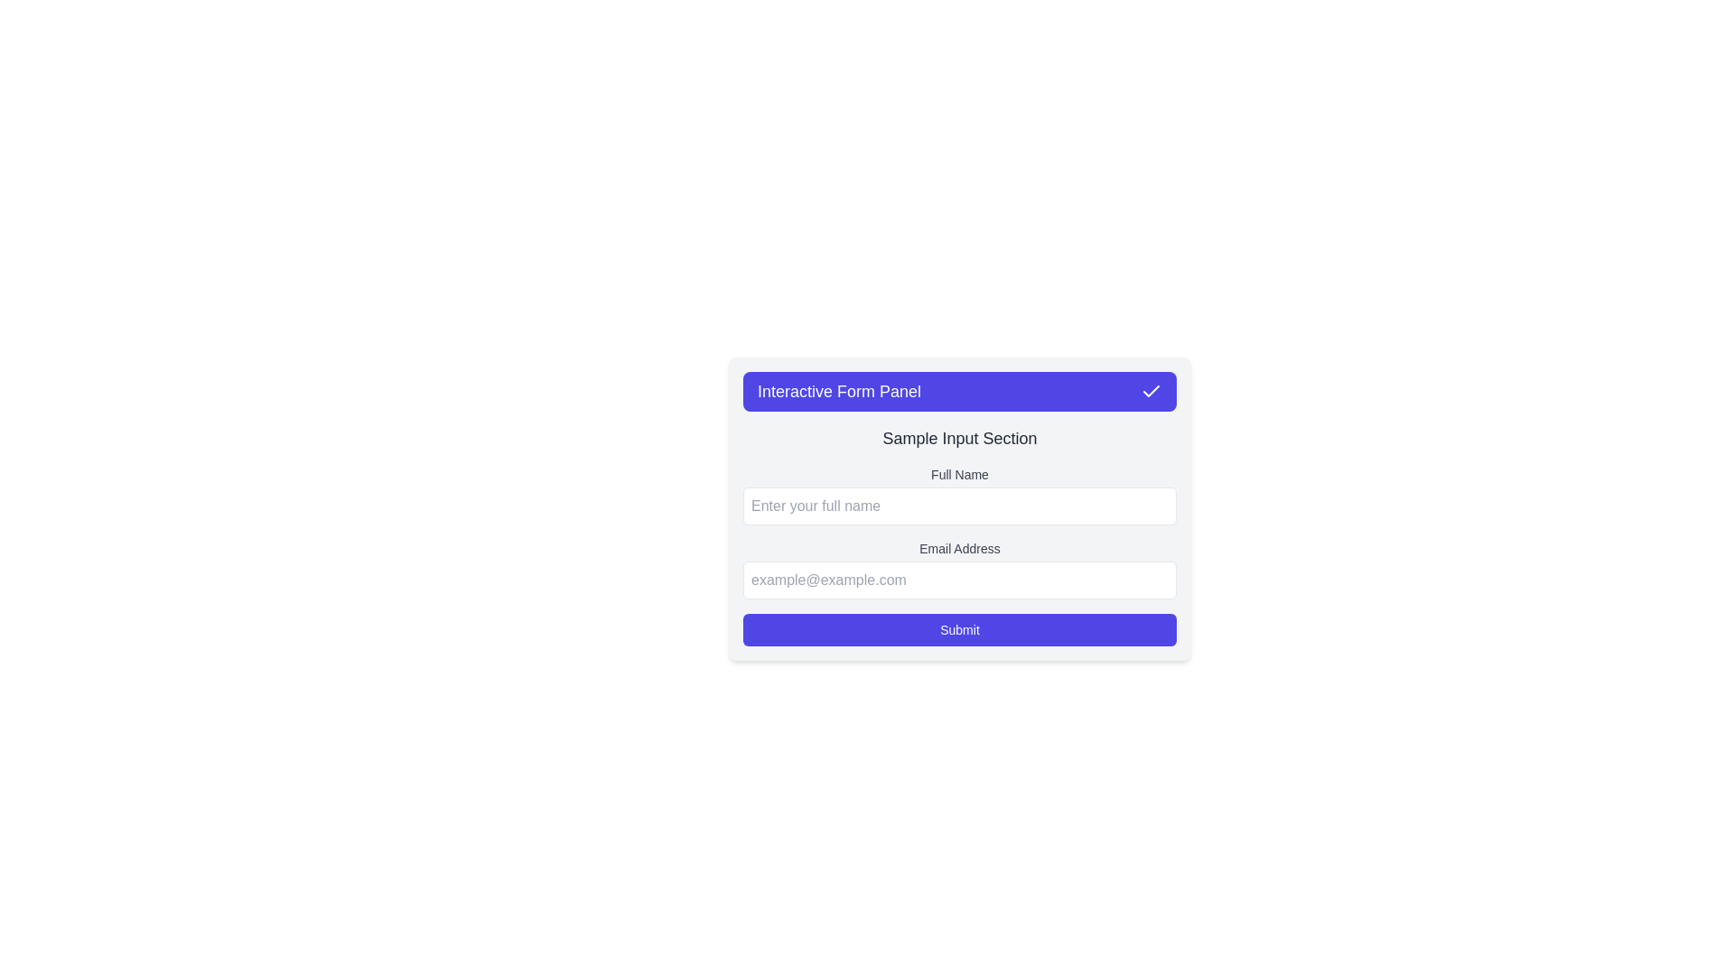  Describe the element at coordinates (958, 473) in the screenshot. I see `the 'Full Name' label, which is styled with a gray font and positioned above the input field in the 'Sample Input Section'` at that location.